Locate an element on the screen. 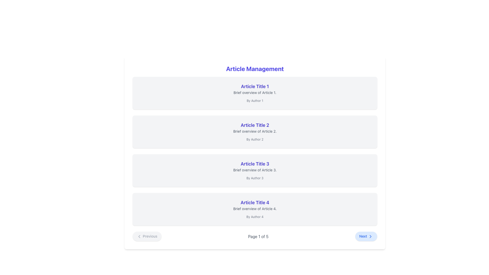 Image resolution: width=489 pixels, height=275 pixels. the leftmost button in the footer navigation section that navigates to the previous page is located at coordinates (147, 236).